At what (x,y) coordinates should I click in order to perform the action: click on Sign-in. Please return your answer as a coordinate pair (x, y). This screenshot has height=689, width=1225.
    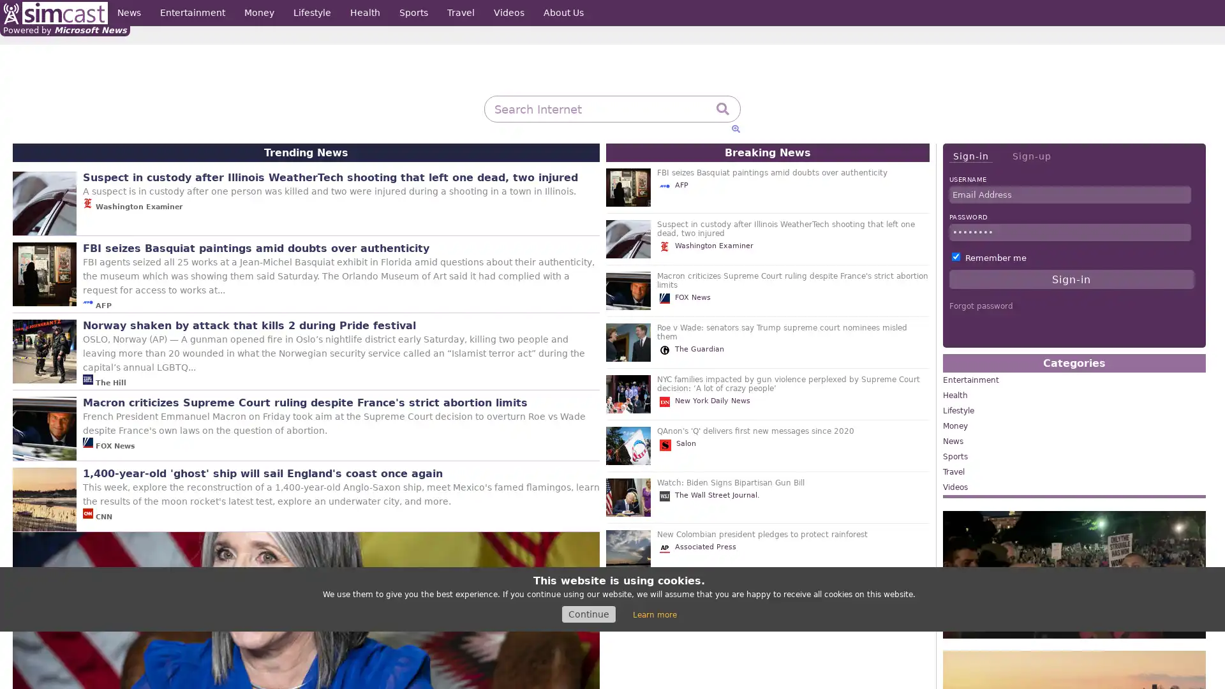
    Looking at the image, I should click on (970, 156).